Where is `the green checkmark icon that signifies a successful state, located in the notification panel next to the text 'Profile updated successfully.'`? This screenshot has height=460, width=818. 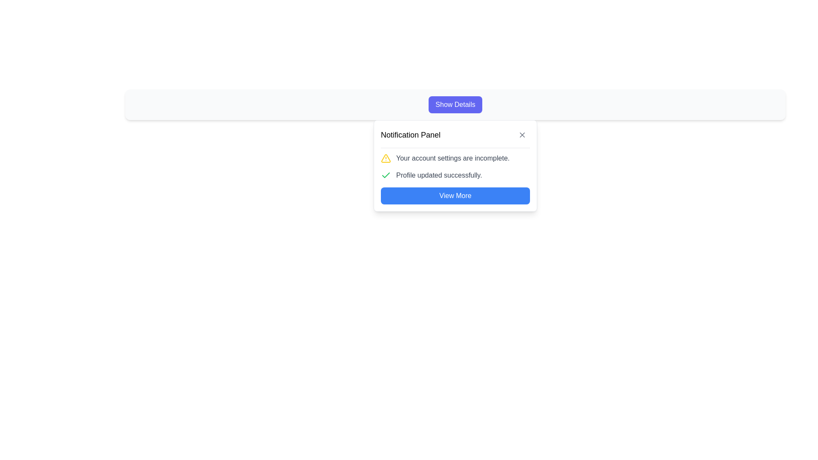
the green checkmark icon that signifies a successful state, located in the notification panel next to the text 'Profile updated successfully.' is located at coordinates (386, 175).